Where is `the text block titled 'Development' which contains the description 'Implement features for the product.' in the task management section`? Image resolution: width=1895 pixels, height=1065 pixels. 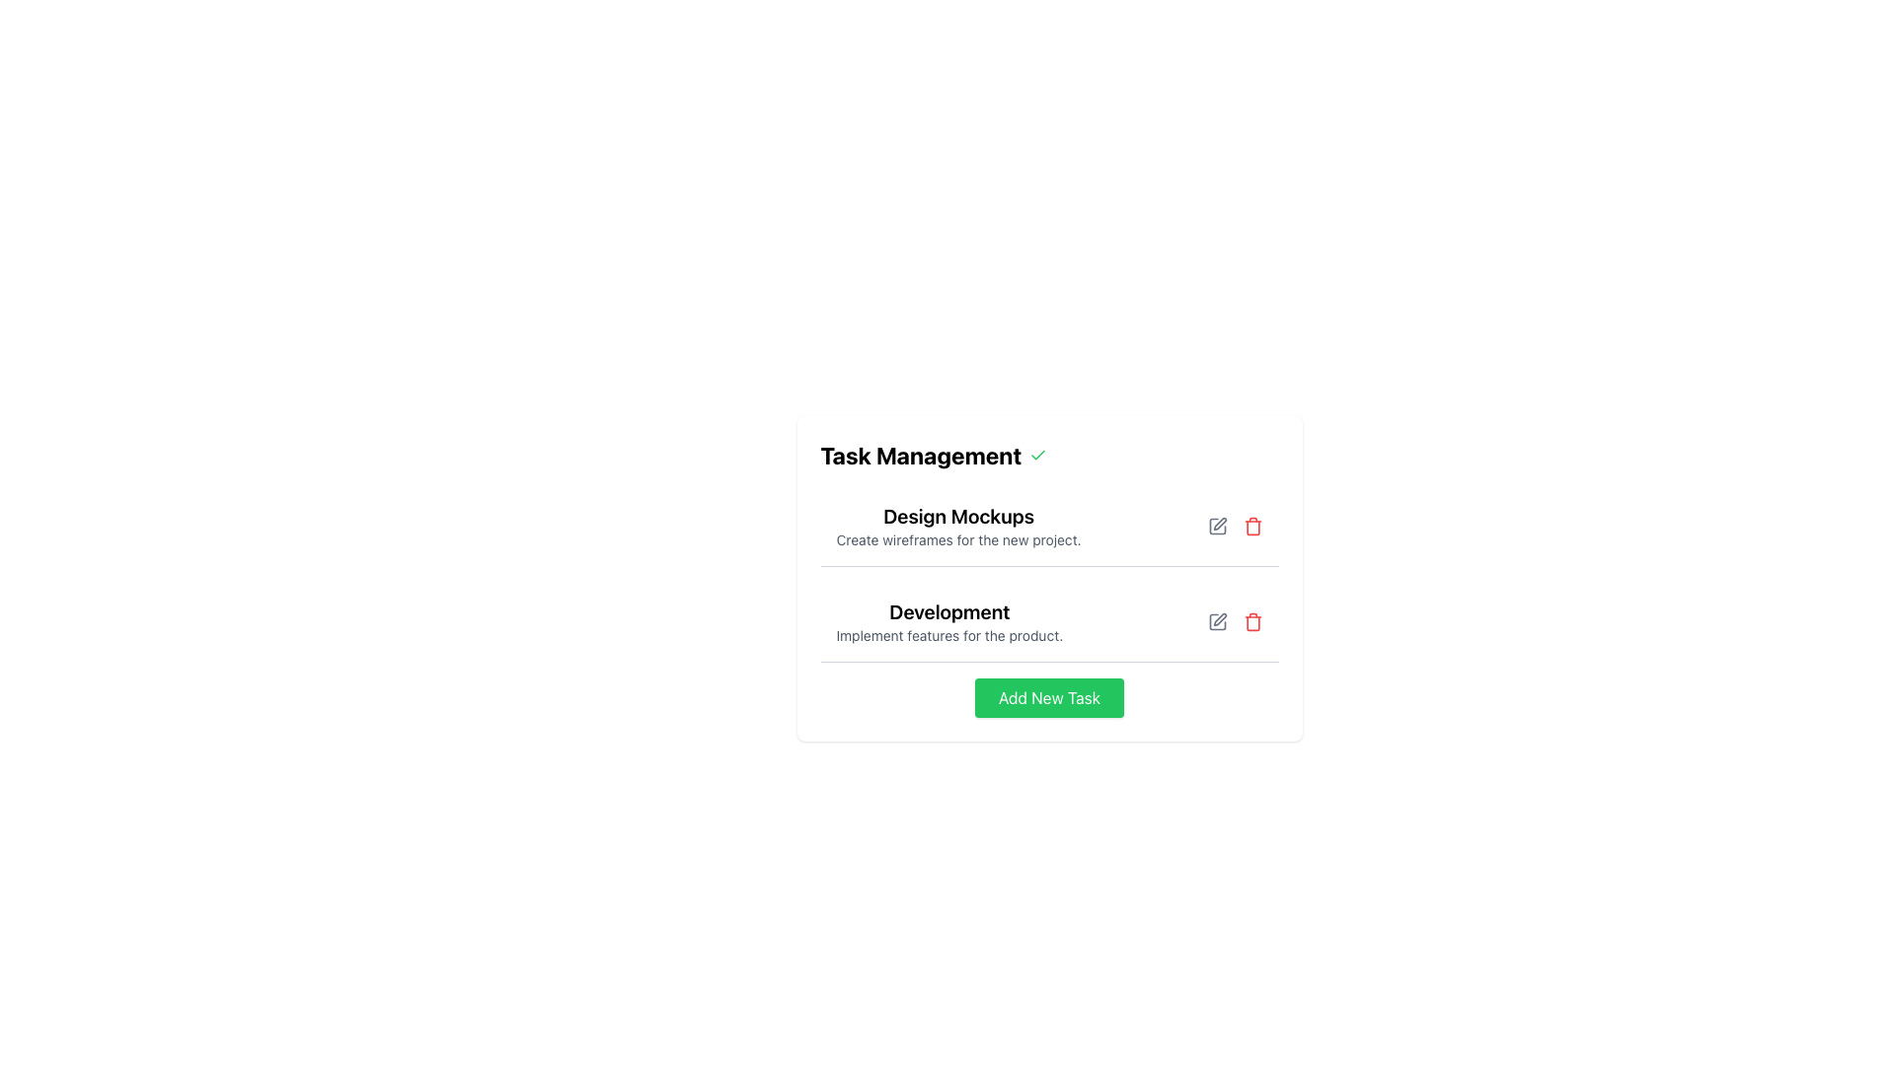 the text block titled 'Development' which contains the description 'Implement features for the product.' in the task management section is located at coordinates (949, 622).